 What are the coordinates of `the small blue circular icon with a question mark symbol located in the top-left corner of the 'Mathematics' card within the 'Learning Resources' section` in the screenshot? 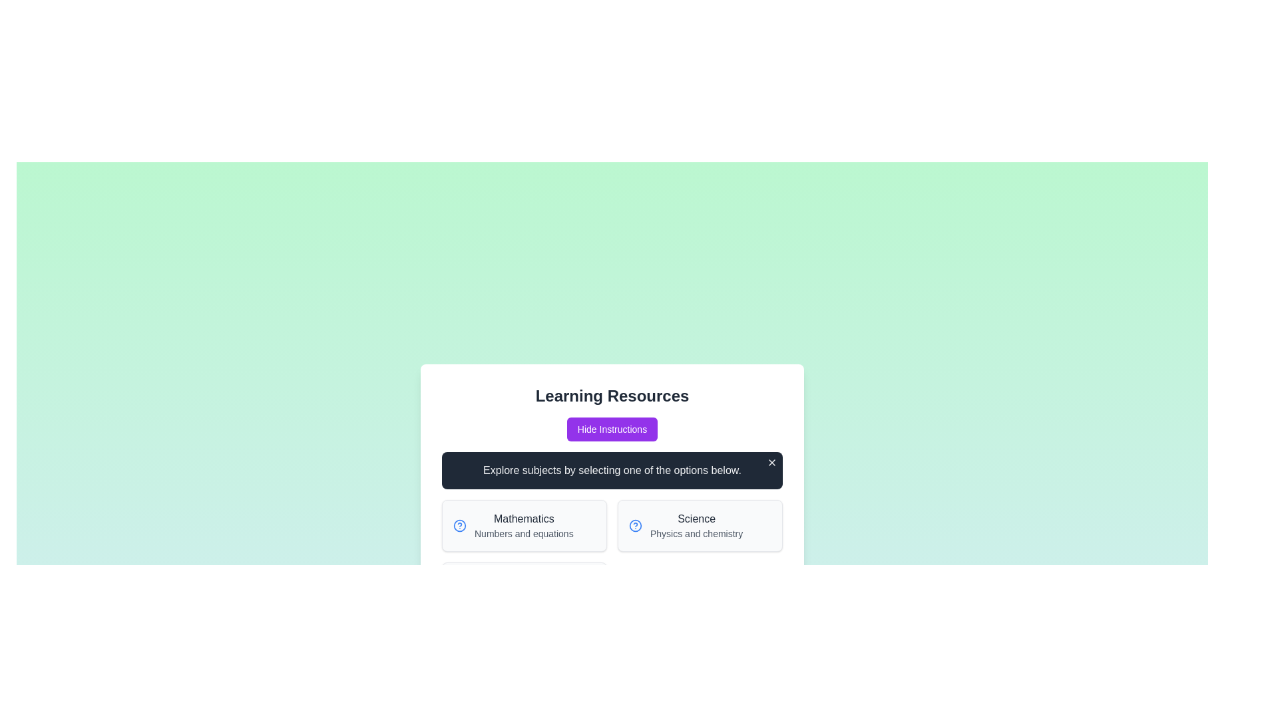 It's located at (460, 525).